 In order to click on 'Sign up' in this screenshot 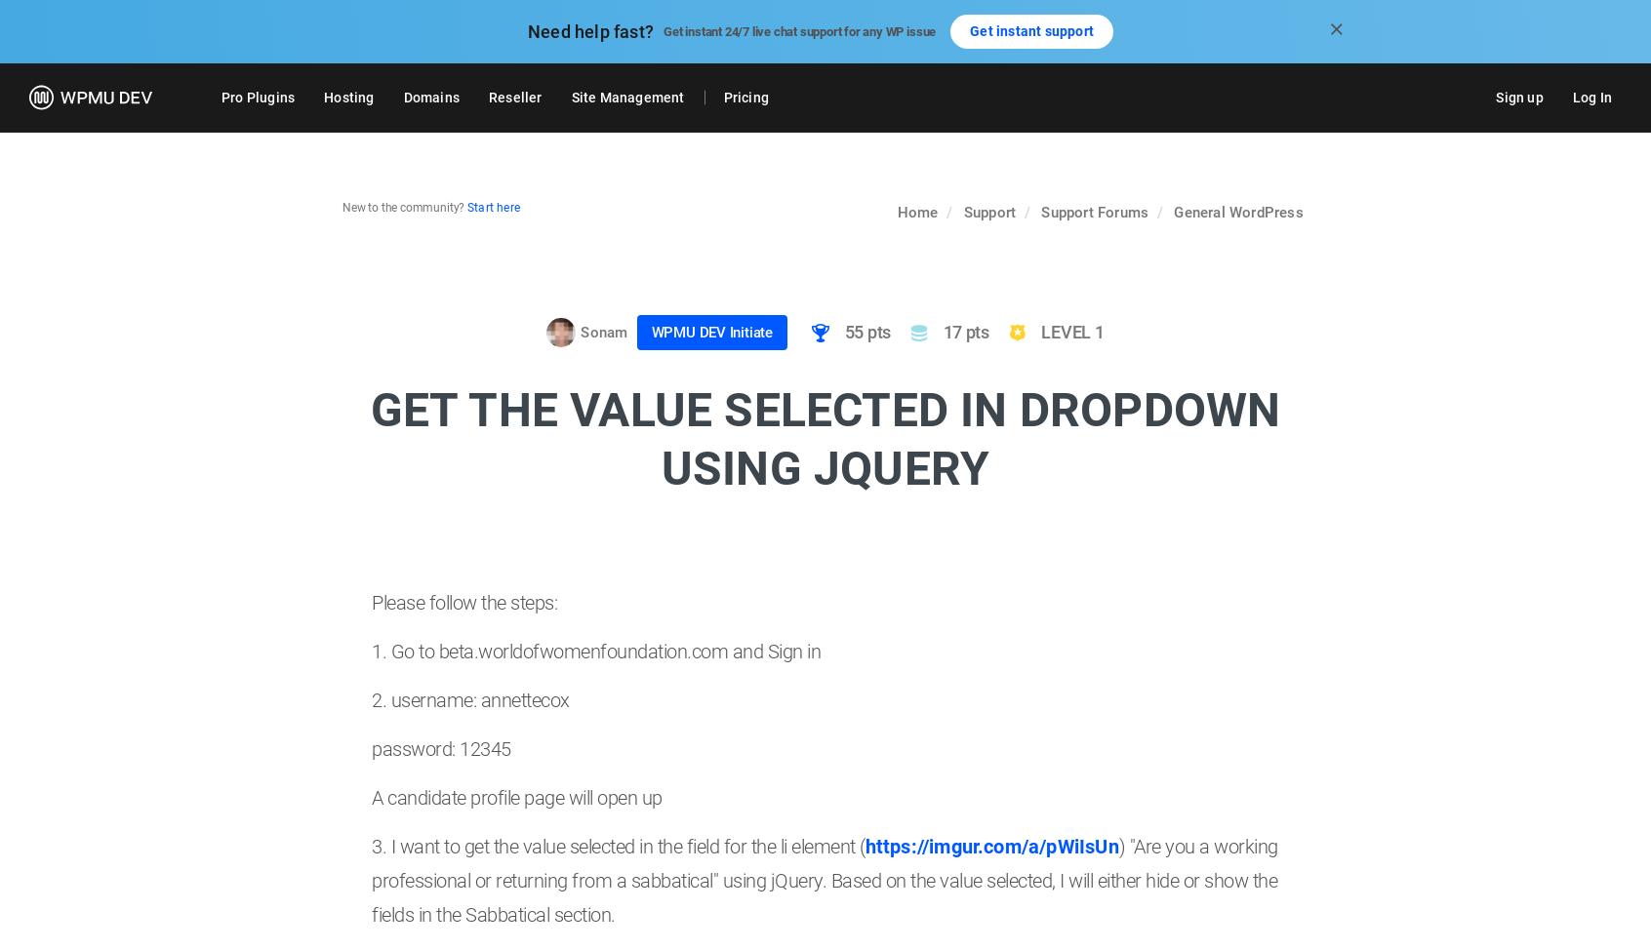, I will do `click(1517, 97)`.